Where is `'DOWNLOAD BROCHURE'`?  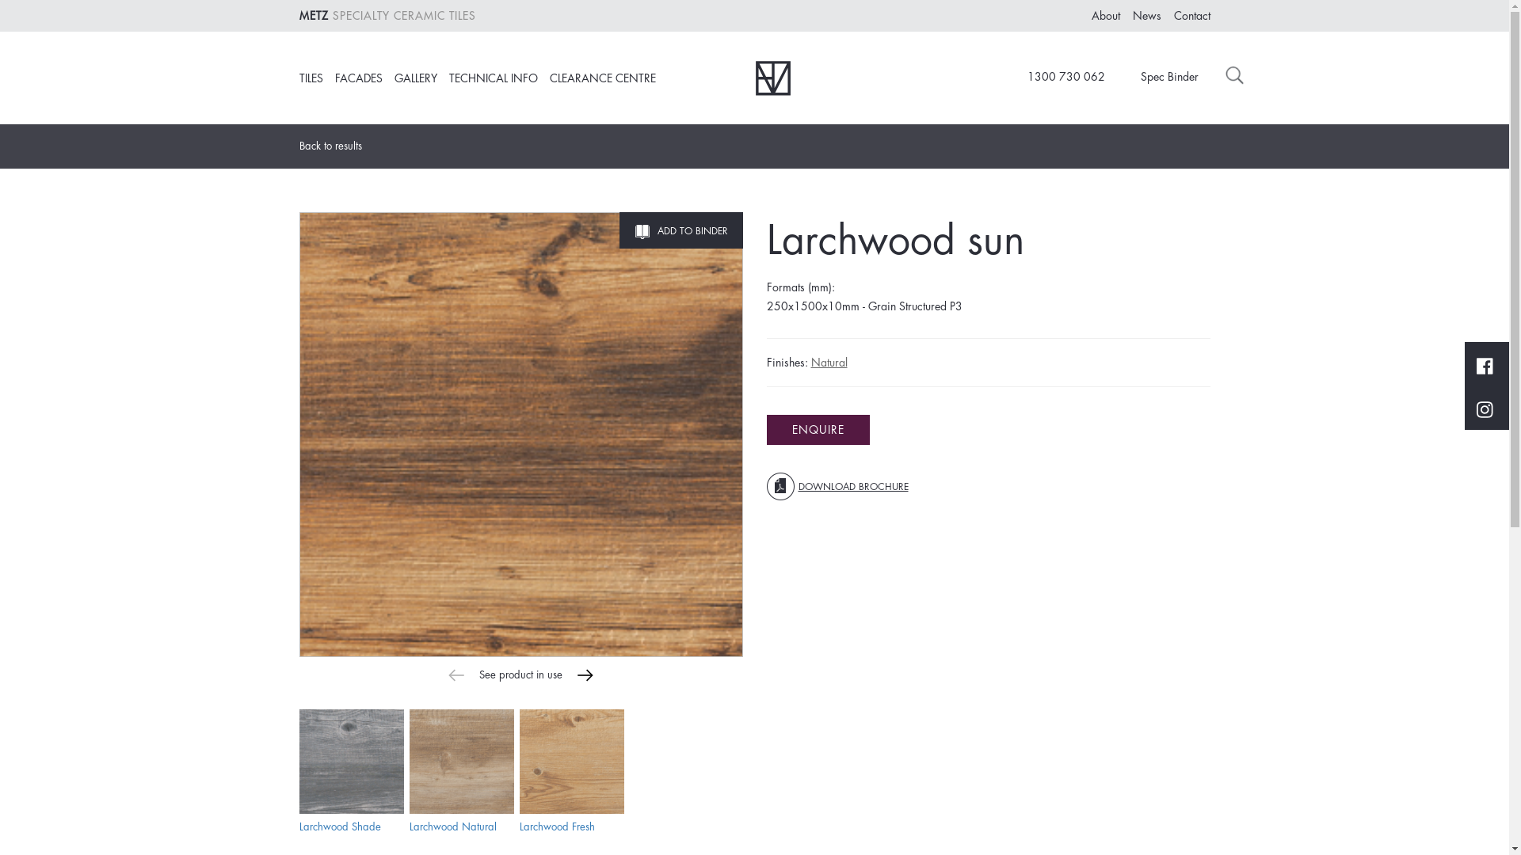 'DOWNLOAD BROCHURE' is located at coordinates (837, 485).